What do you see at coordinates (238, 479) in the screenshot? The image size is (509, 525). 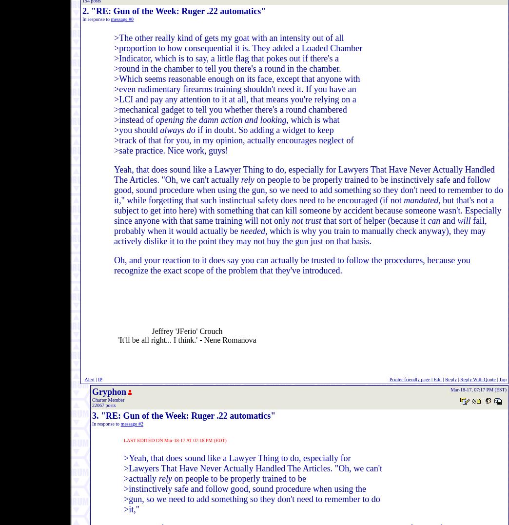 I see `'on people to be properly trained to be'` at bounding box center [238, 479].